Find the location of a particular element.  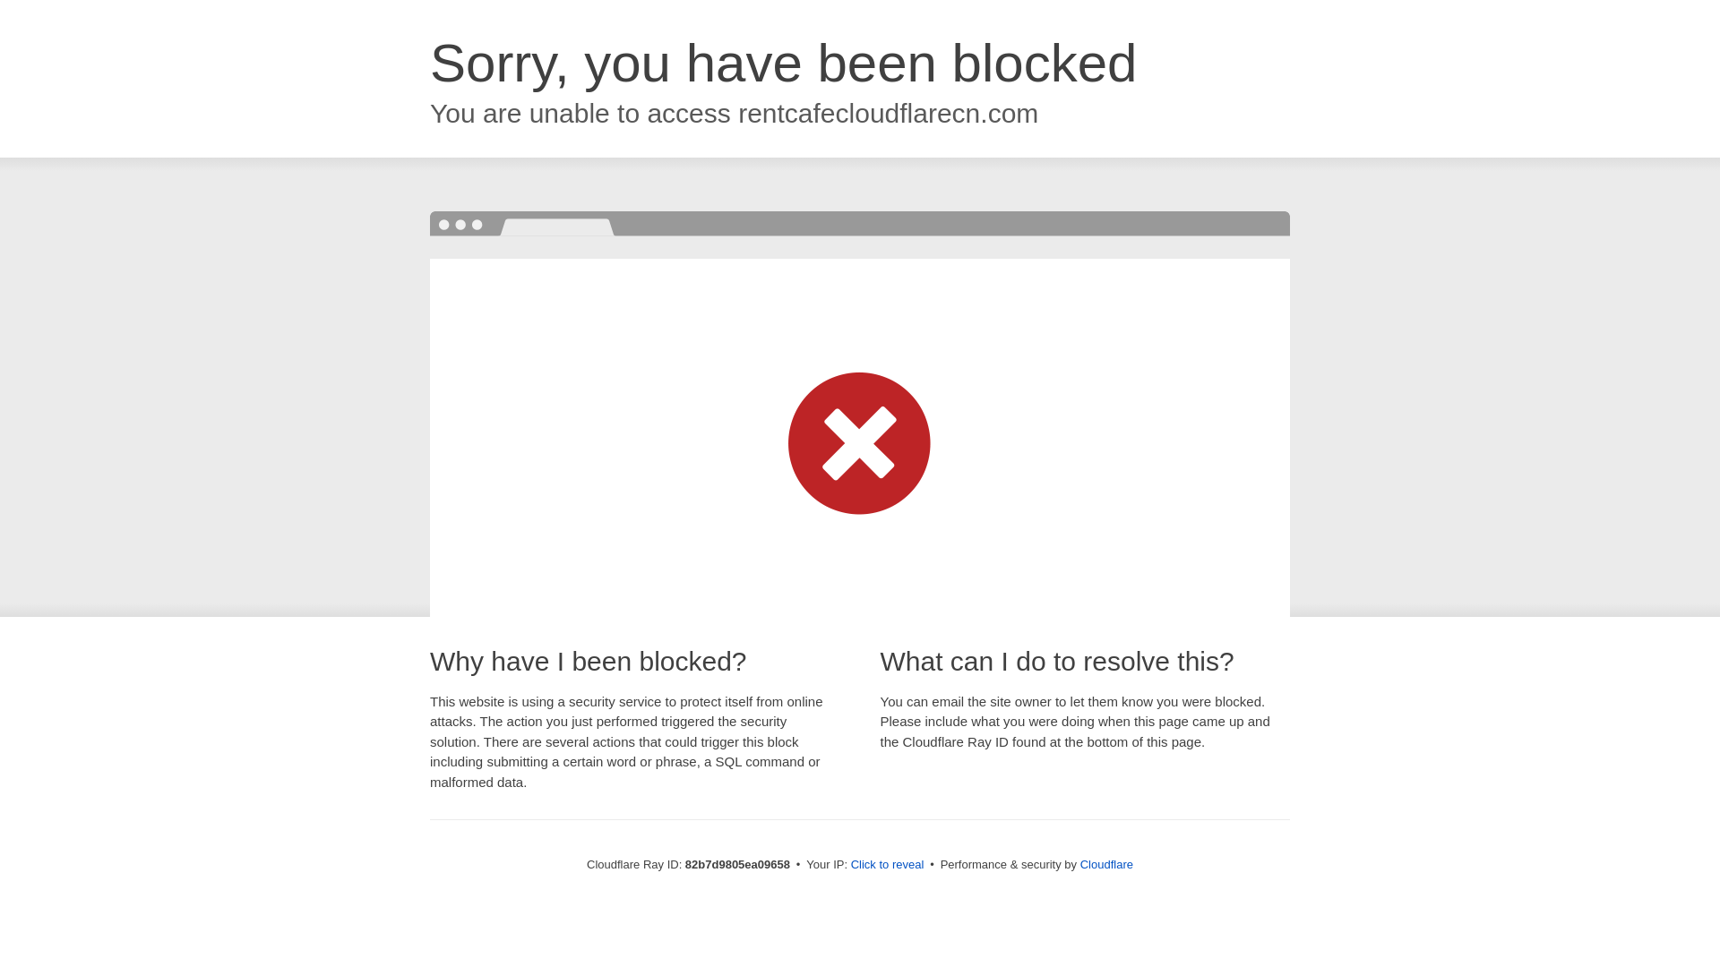

'Cloudflare' is located at coordinates (1105, 863).